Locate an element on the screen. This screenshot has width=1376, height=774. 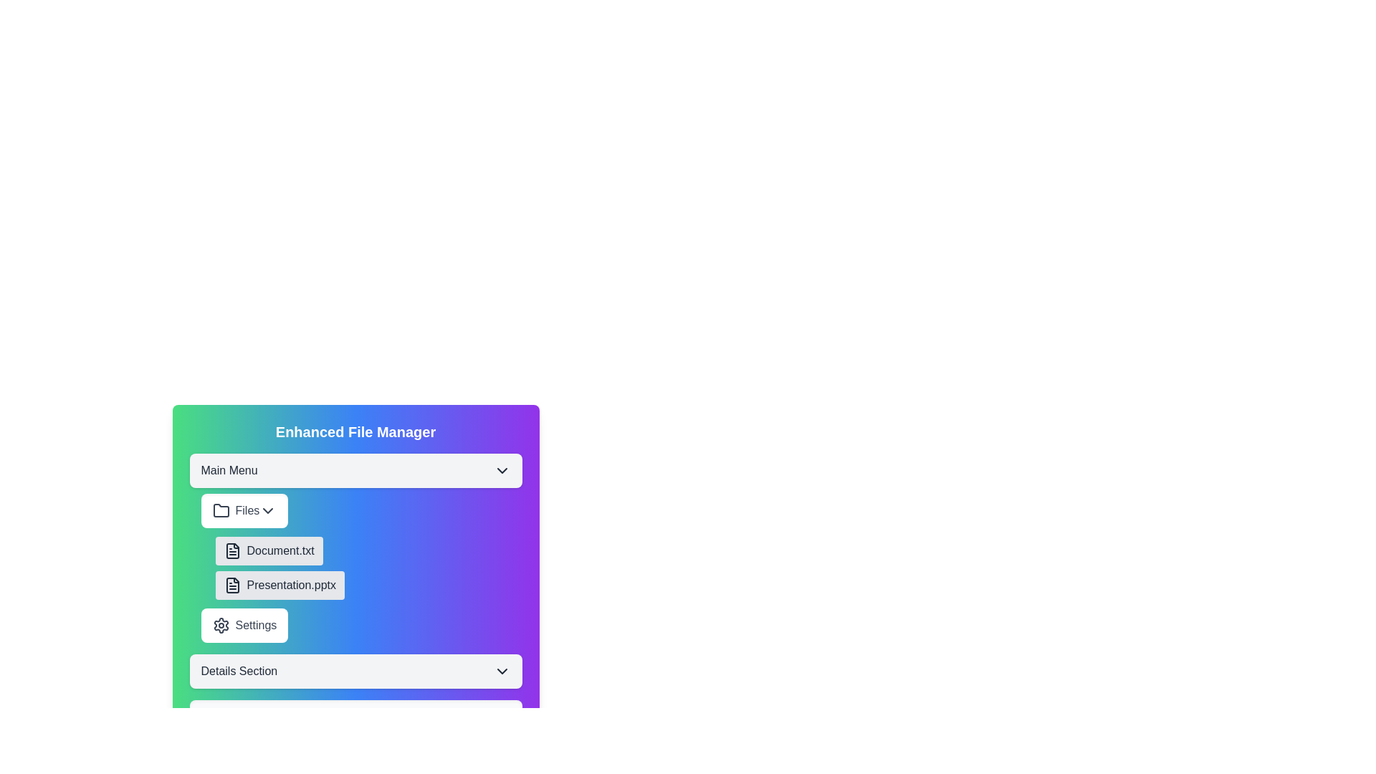
the icon representing the presentation document 'Presentation.pptx' in the Enhanced File Manager interface is located at coordinates (232, 586).